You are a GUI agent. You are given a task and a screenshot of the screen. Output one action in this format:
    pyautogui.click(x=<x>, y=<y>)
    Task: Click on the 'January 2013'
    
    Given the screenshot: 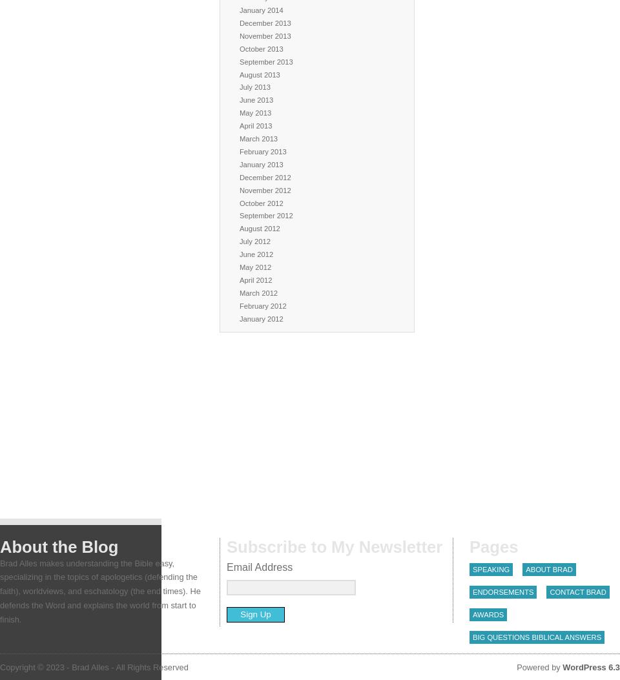 What is the action you would take?
    pyautogui.click(x=260, y=163)
    